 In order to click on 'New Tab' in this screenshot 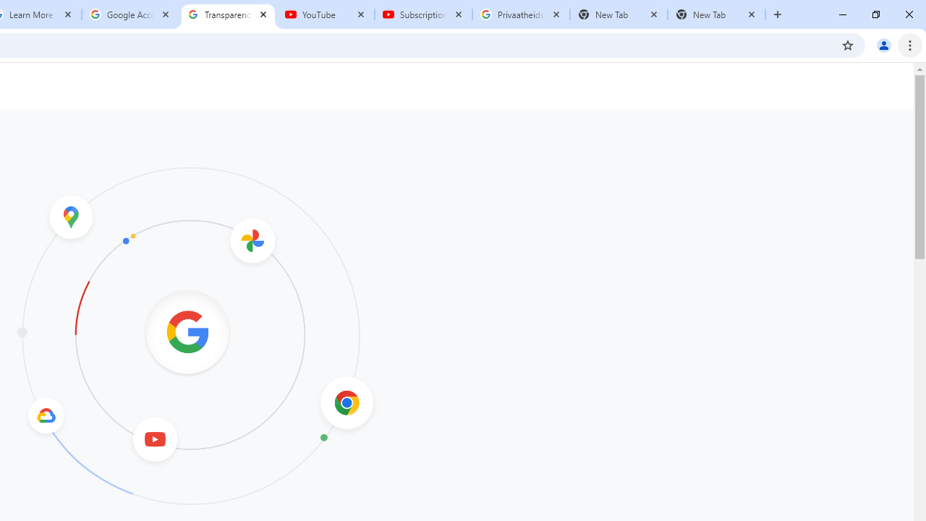, I will do `click(716, 14)`.